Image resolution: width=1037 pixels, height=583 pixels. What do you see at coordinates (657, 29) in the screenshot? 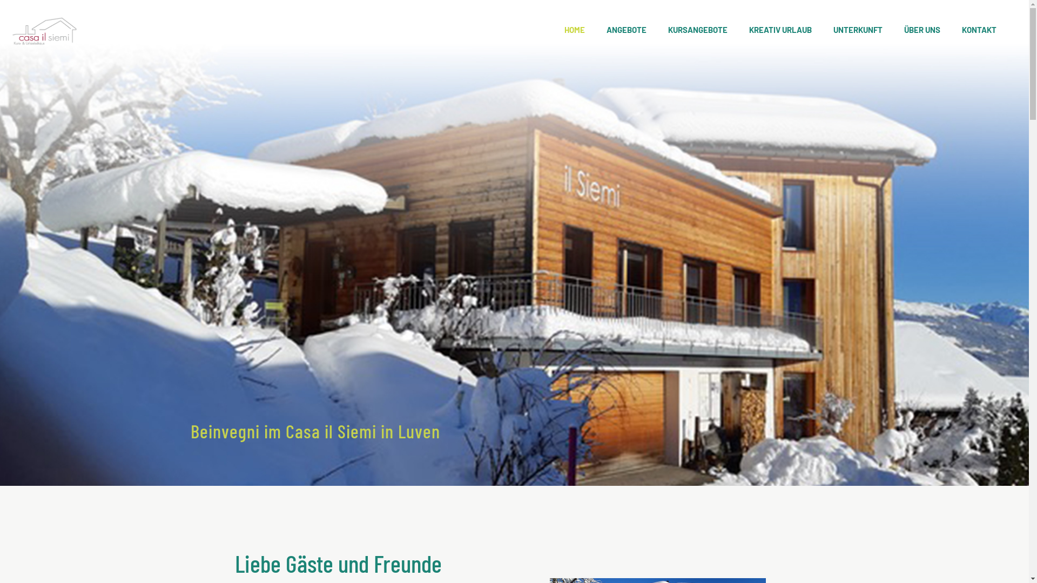
I see `'KURSANGEBOTE'` at bounding box center [657, 29].